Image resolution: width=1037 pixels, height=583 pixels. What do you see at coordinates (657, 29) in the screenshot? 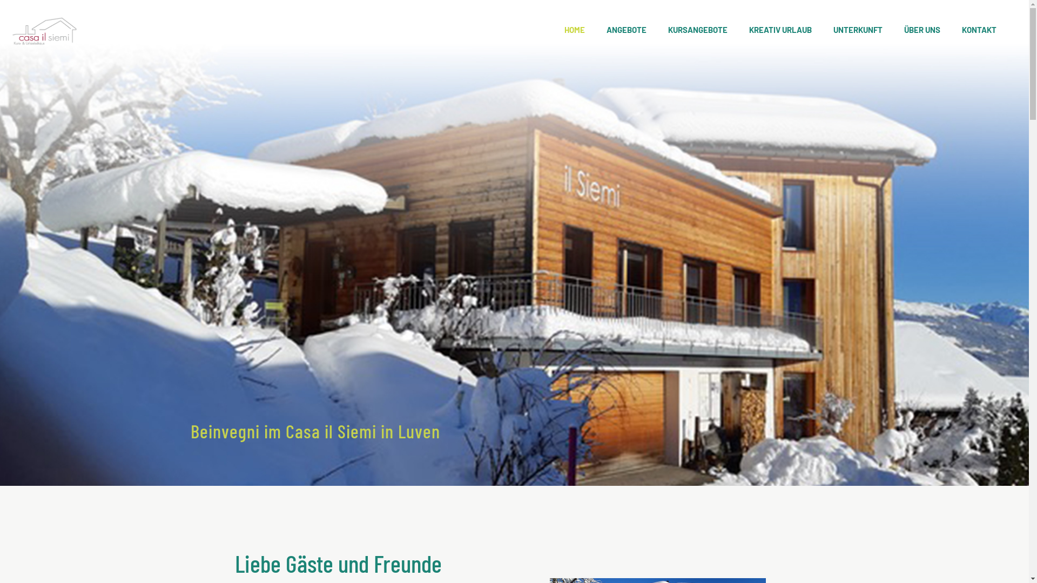
I see `'KURSANGEBOTE'` at bounding box center [657, 29].